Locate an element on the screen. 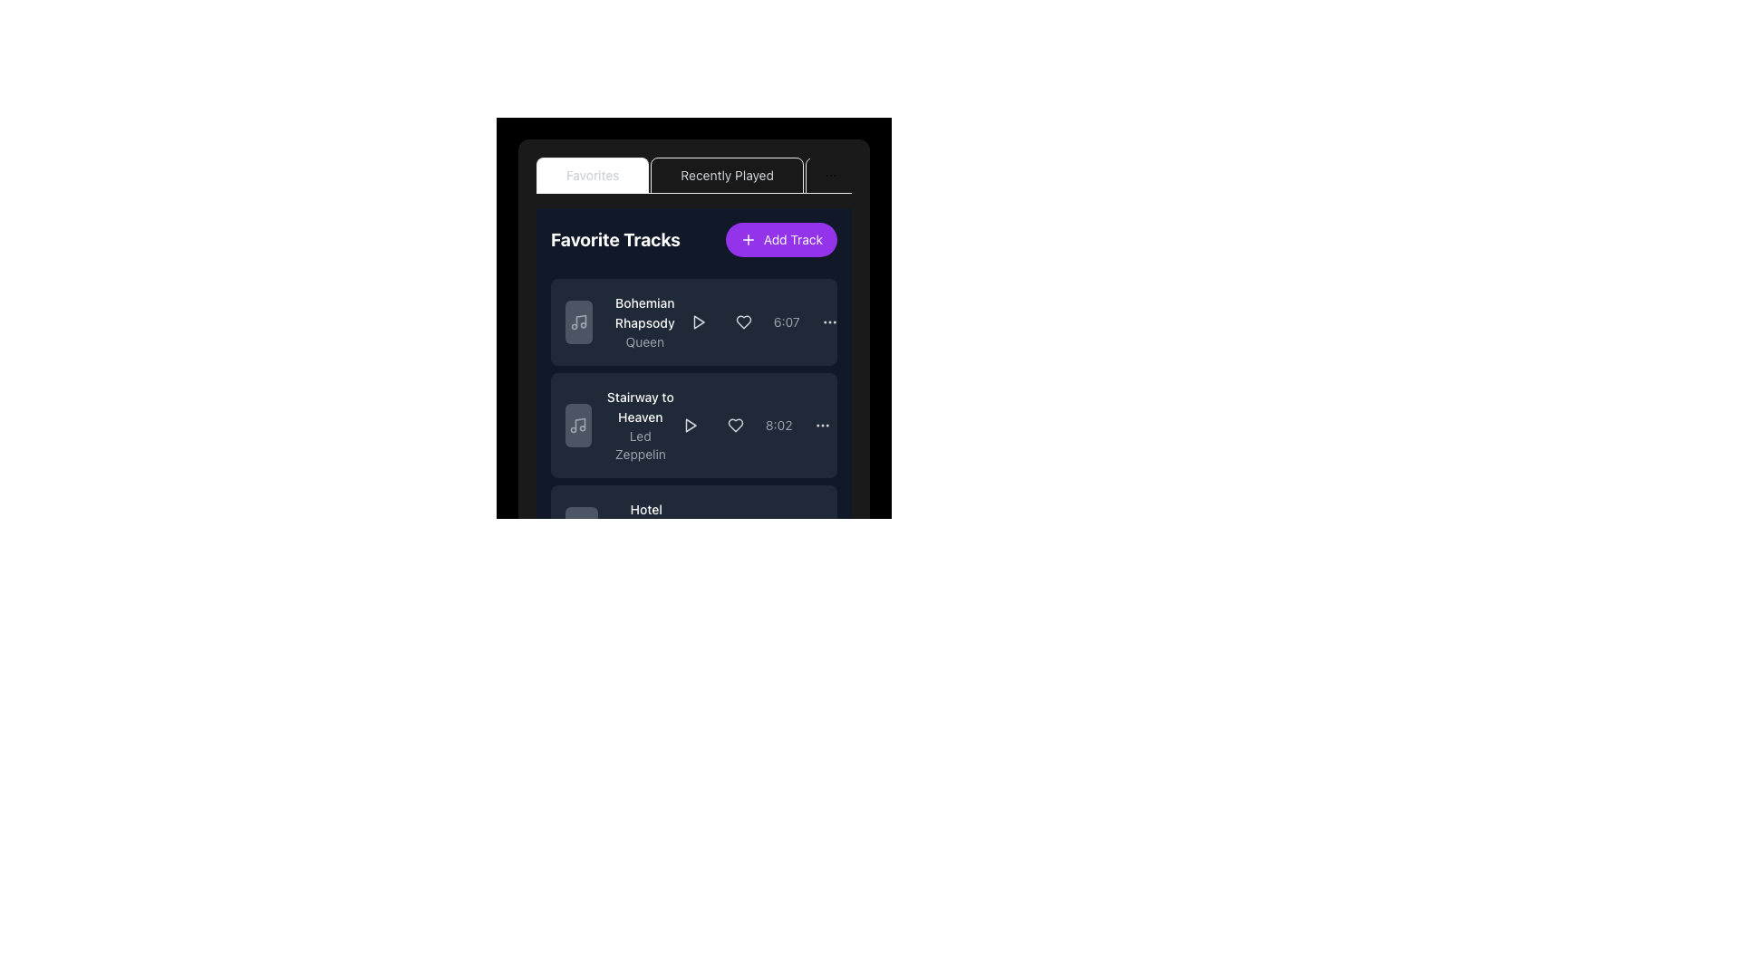 This screenshot has height=978, width=1740. the horizontal ellipsis icon located in the top-right corner of the second row of elements, which consists of three dots arranged in a horizontal line is located at coordinates (821, 426).